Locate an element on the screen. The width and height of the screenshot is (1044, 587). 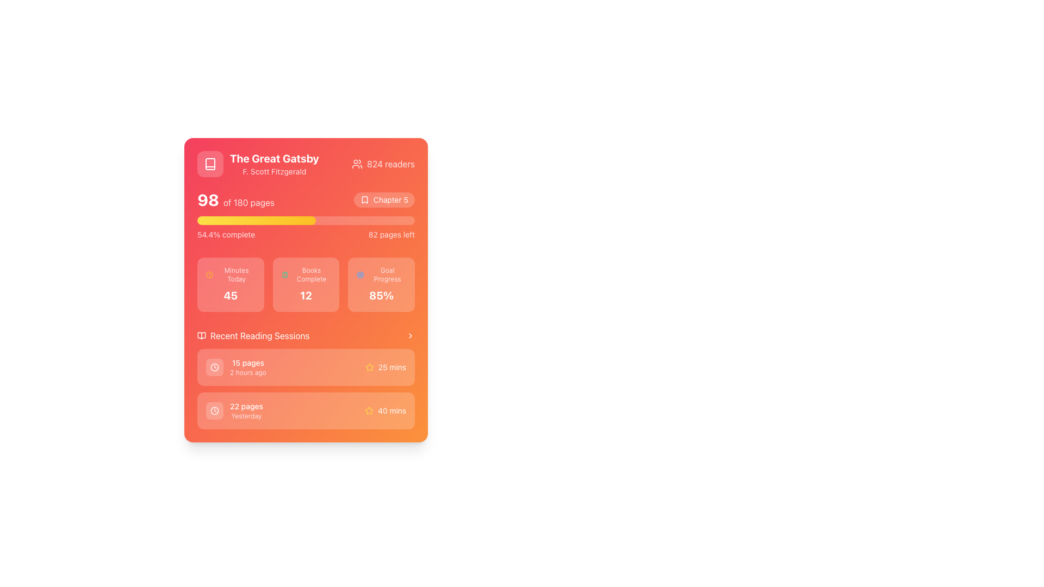
the right-pointing chevron icon located in the 'Recent Reading Sessions' section is located at coordinates (409, 335).